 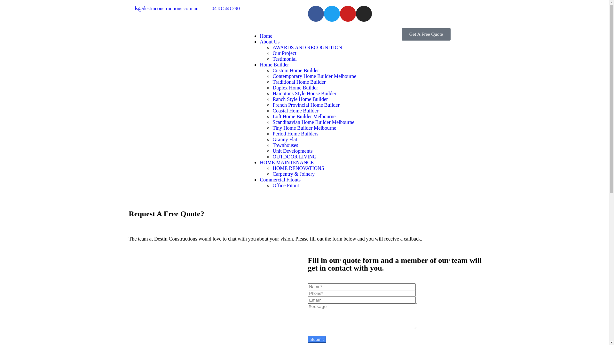 What do you see at coordinates (272, 145) in the screenshot?
I see `'Townhouses'` at bounding box center [272, 145].